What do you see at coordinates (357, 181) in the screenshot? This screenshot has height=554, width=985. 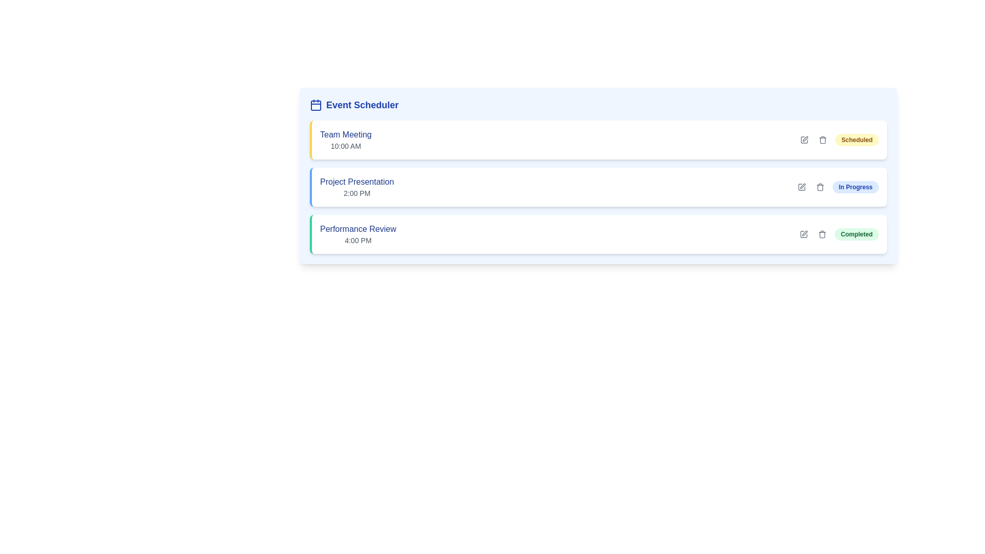 I see `the Text label that displays the title of the second event in the 'Event Scheduler' list, located above the time label '2:00 PM'` at bounding box center [357, 181].